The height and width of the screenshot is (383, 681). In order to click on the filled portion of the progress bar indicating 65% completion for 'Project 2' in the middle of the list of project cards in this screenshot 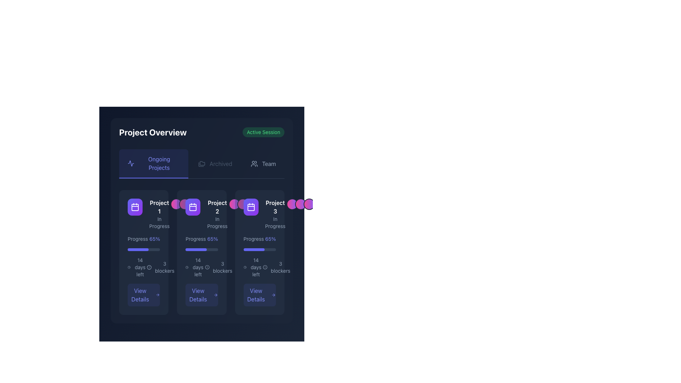, I will do `click(196, 249)`.